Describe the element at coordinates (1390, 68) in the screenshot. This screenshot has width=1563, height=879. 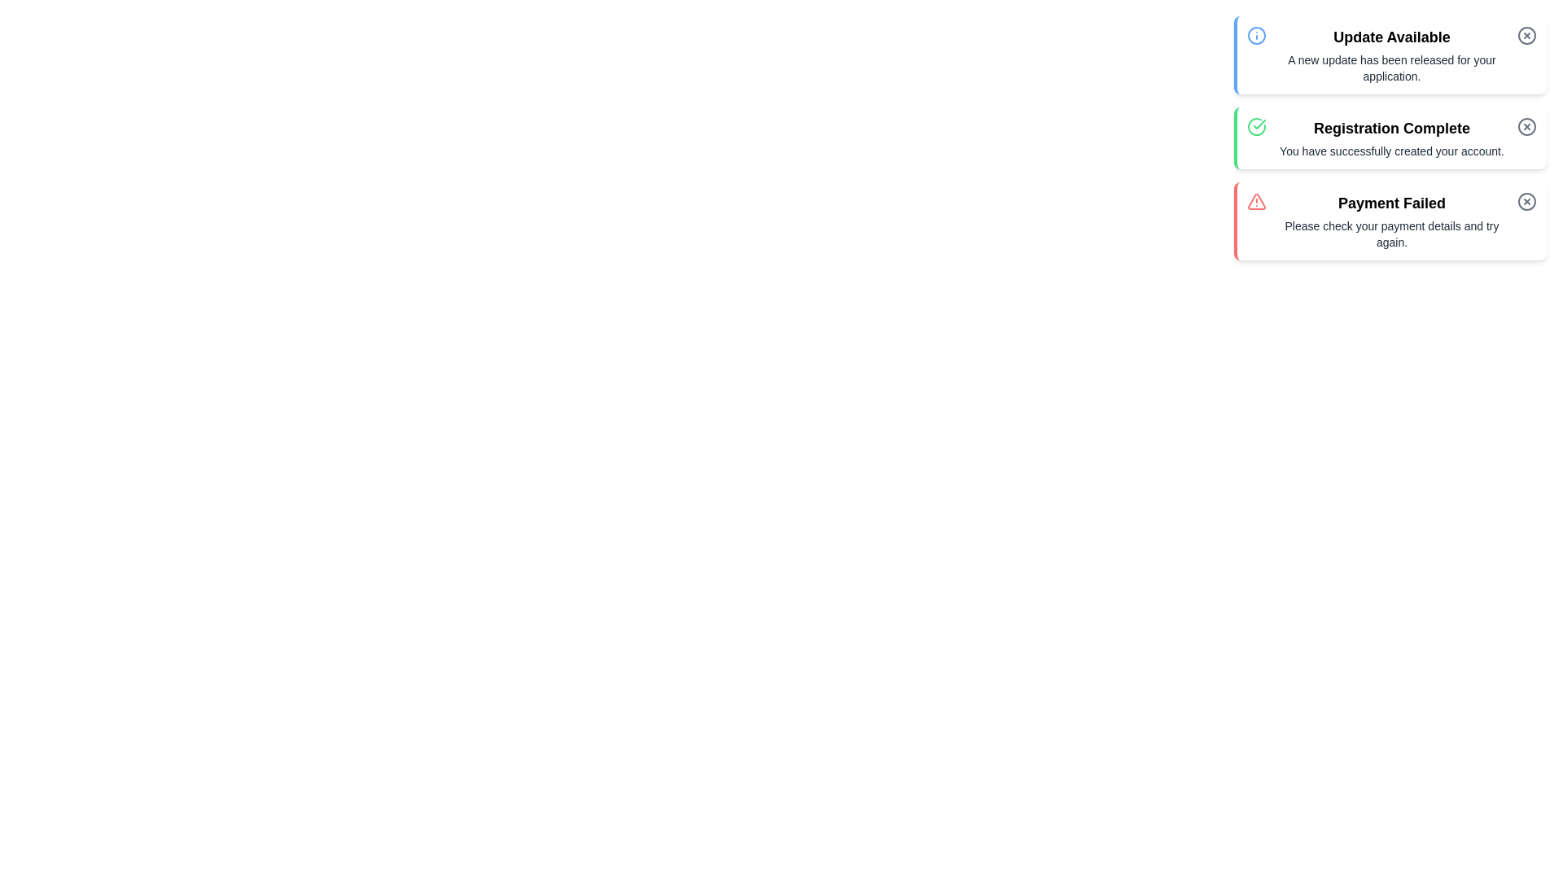
I see `information displayed in the static text label stating 'A new update has been released for your application.', which is styled in a small gray font on a white background, located below the bold header 'Update Available'` at that location.